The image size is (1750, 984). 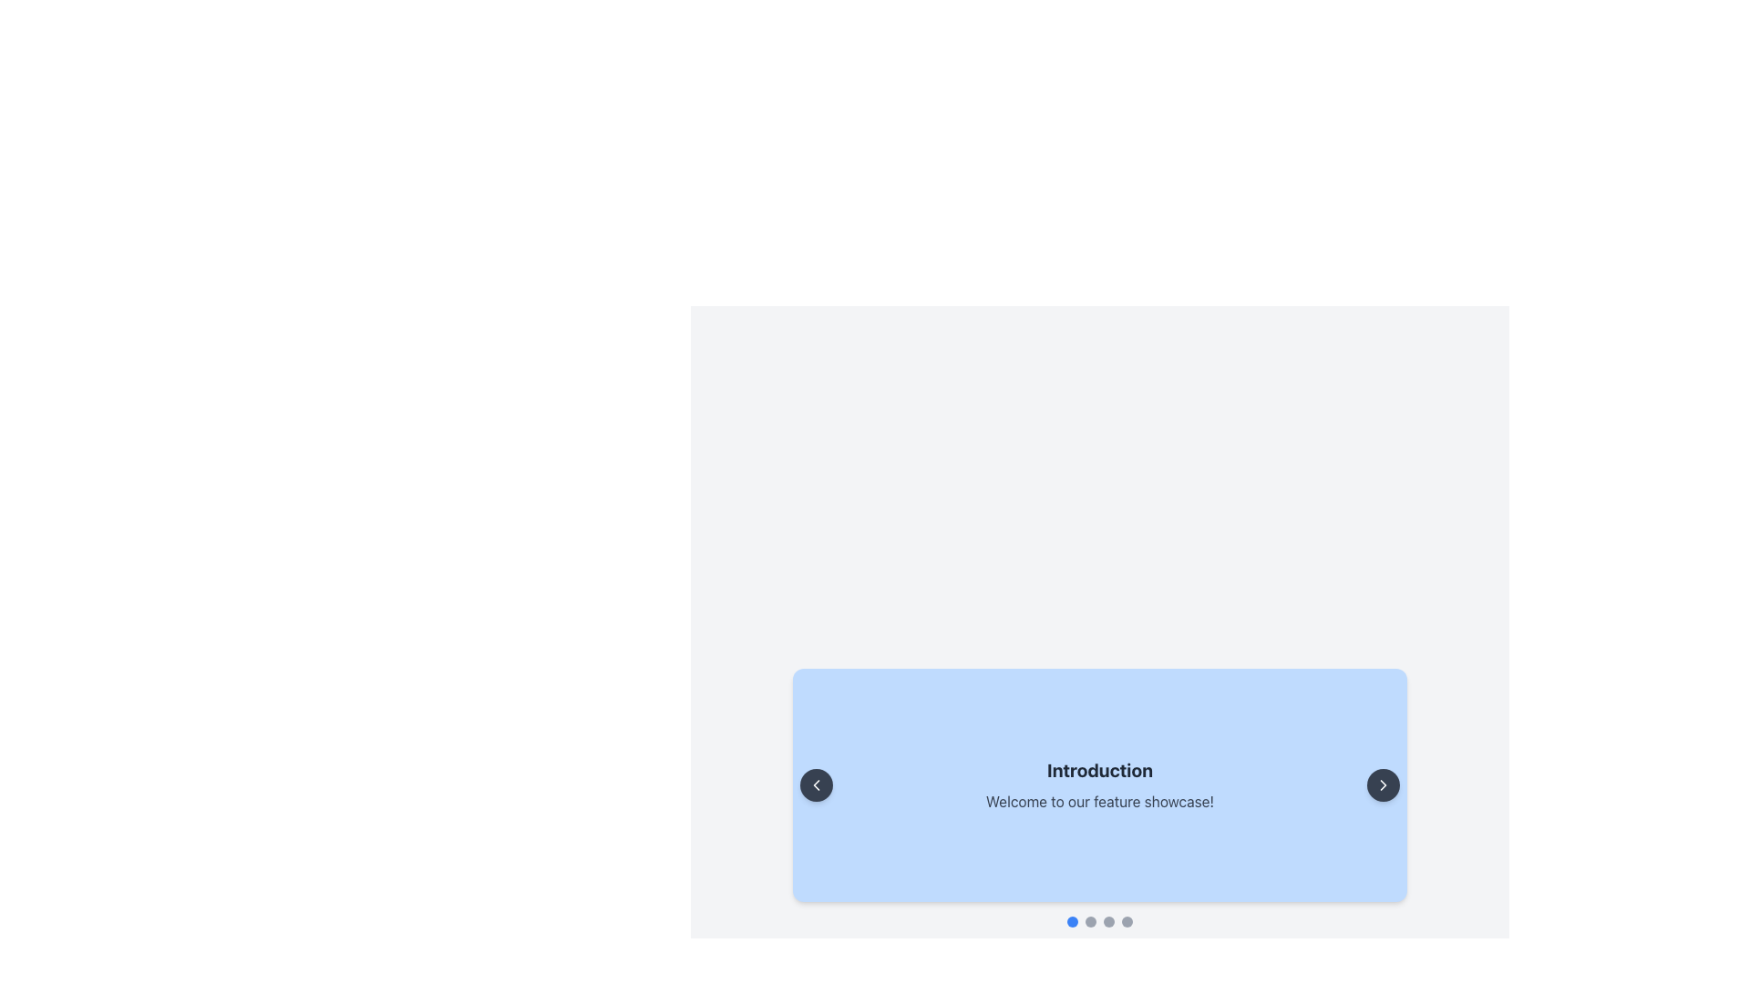 What do you see at coordinates (816, 784) in the screenshot?
I see `the button located on the left side of the blue panel under the content titled 'Introduction'` at bounding box center [816, 784].